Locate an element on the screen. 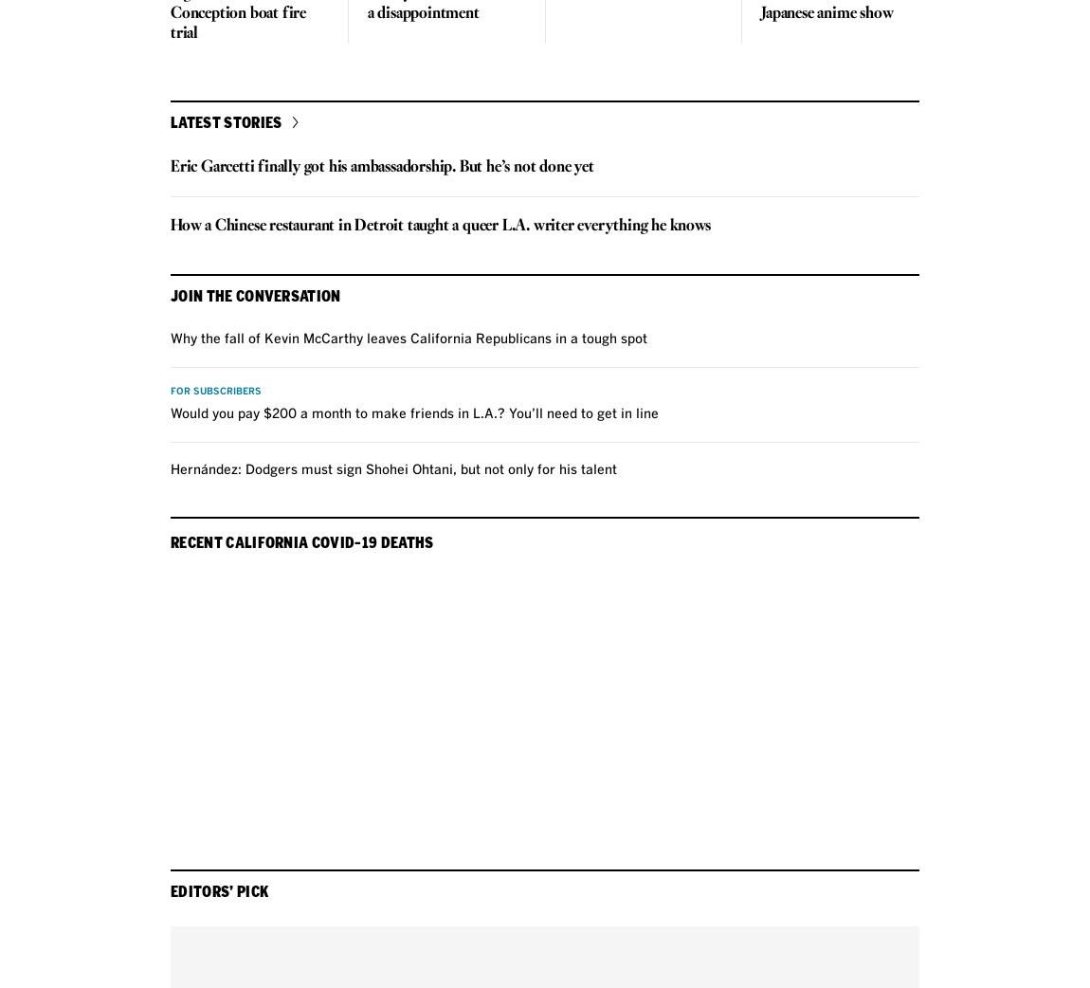  'Recent California COVID-19 Deaths' is located at coordinates (301, 540).